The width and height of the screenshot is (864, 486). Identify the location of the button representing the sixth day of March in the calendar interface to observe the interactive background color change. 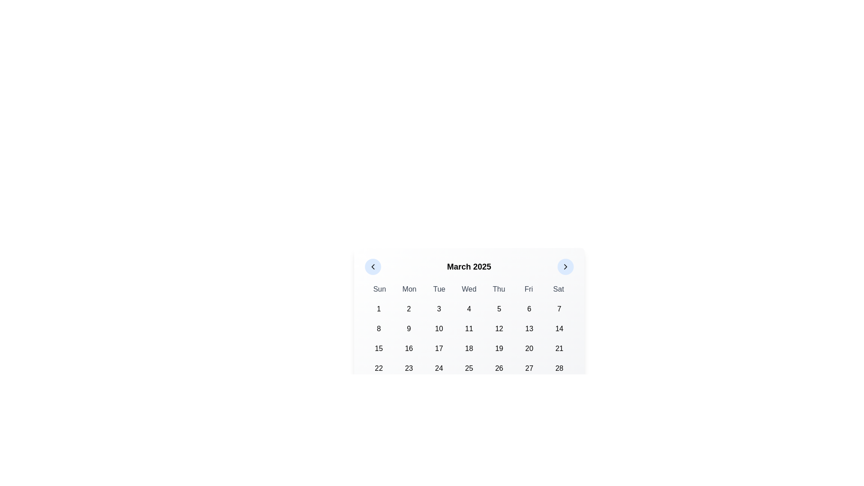
(529, 308).